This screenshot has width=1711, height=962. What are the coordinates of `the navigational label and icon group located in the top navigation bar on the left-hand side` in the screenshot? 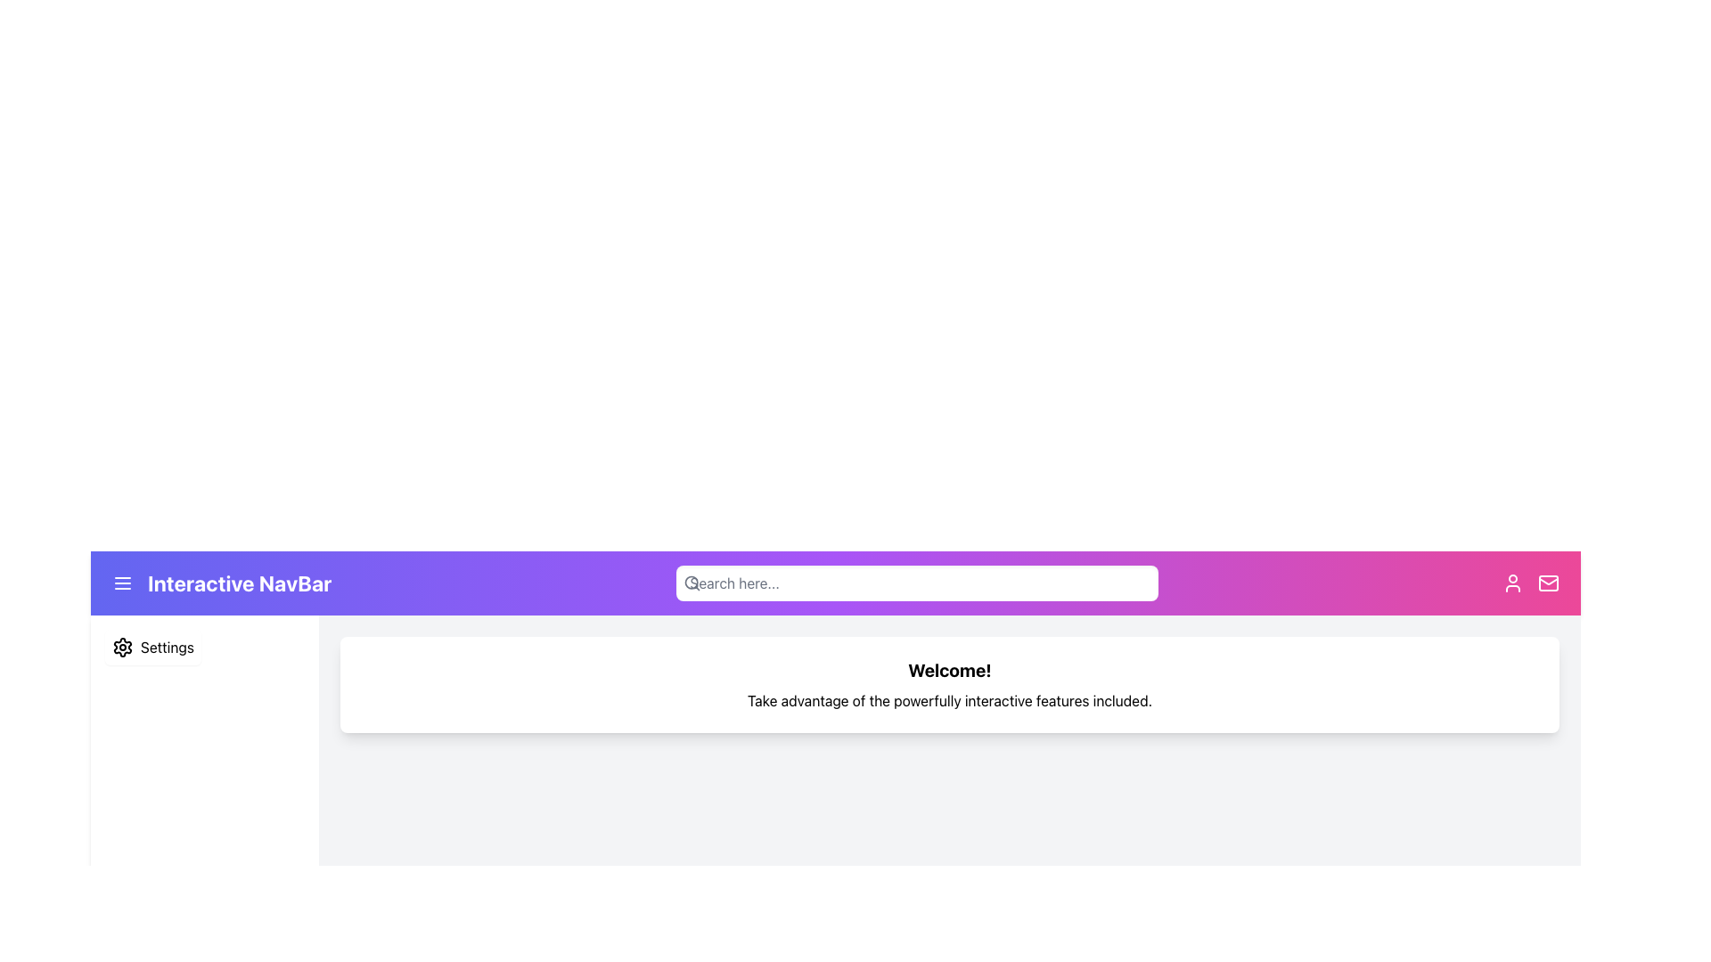 It's located at (221, 583).